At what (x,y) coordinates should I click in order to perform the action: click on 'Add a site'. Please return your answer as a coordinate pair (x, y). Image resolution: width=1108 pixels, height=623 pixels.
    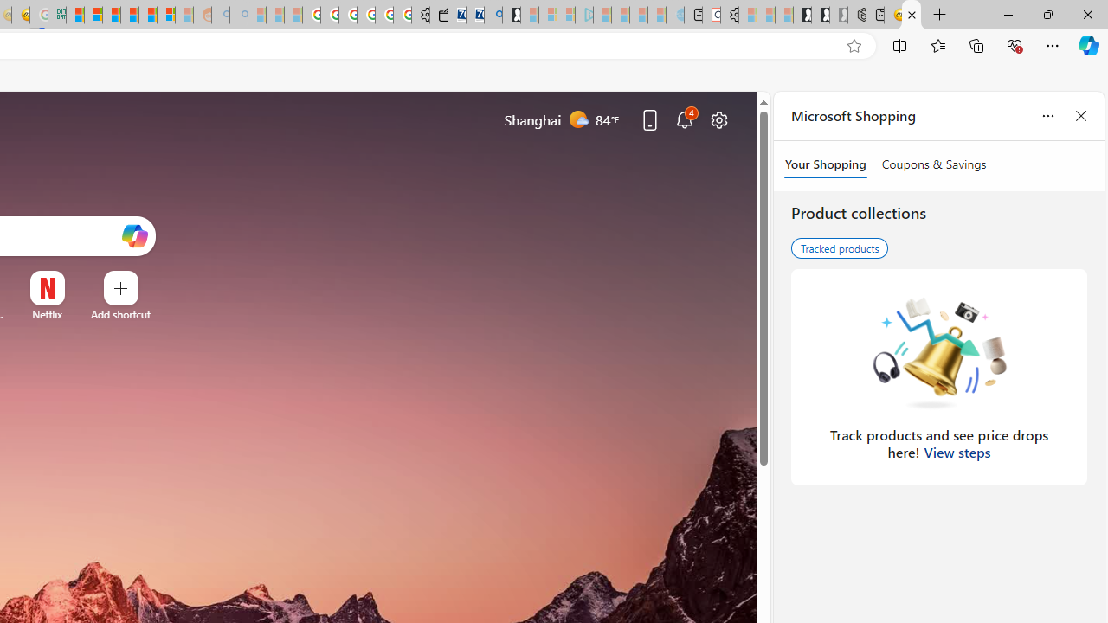
    Looking at the image, I should click on (119, 314).